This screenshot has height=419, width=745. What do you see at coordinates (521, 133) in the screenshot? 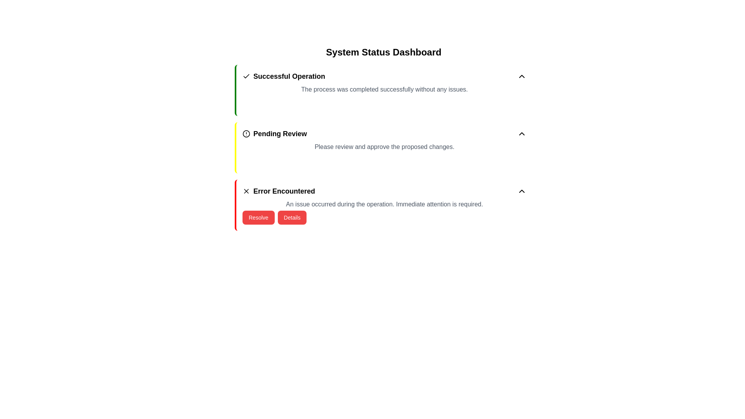
I see `the small, upward-pointing chevron button in the 'Pending Review' section of the dashboard` at bounding box center [521, 133].